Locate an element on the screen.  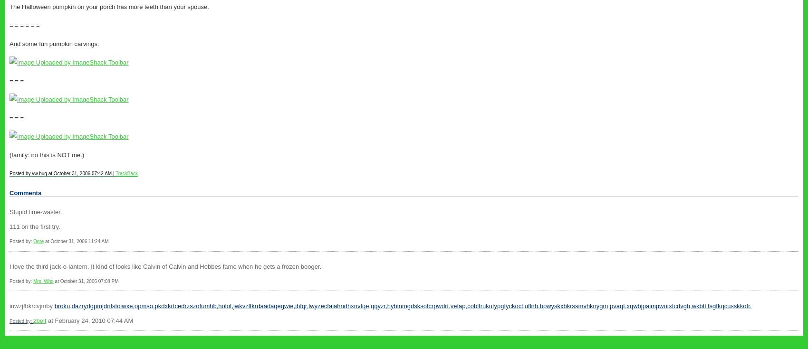
'Mrs_Who' is located at coordinates (43, 281).